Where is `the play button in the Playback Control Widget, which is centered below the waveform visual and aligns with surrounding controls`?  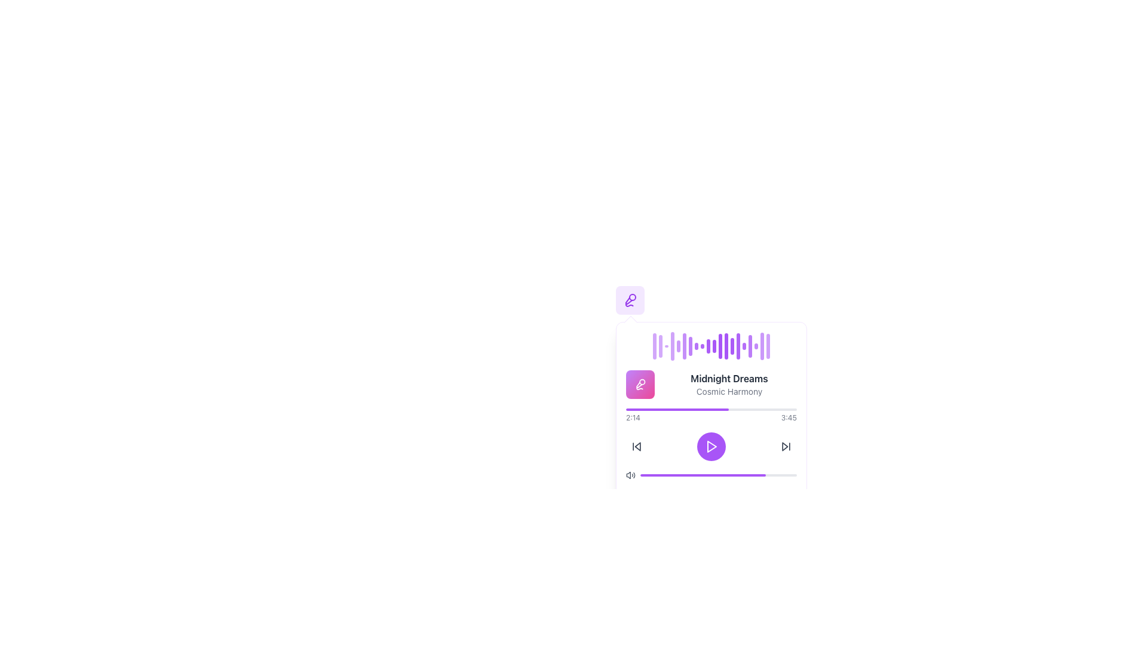
the play button in the Playback Control Widget, which is centered below the waveform visual and aligns with surrounding controls is located at coordinates (711, 425).